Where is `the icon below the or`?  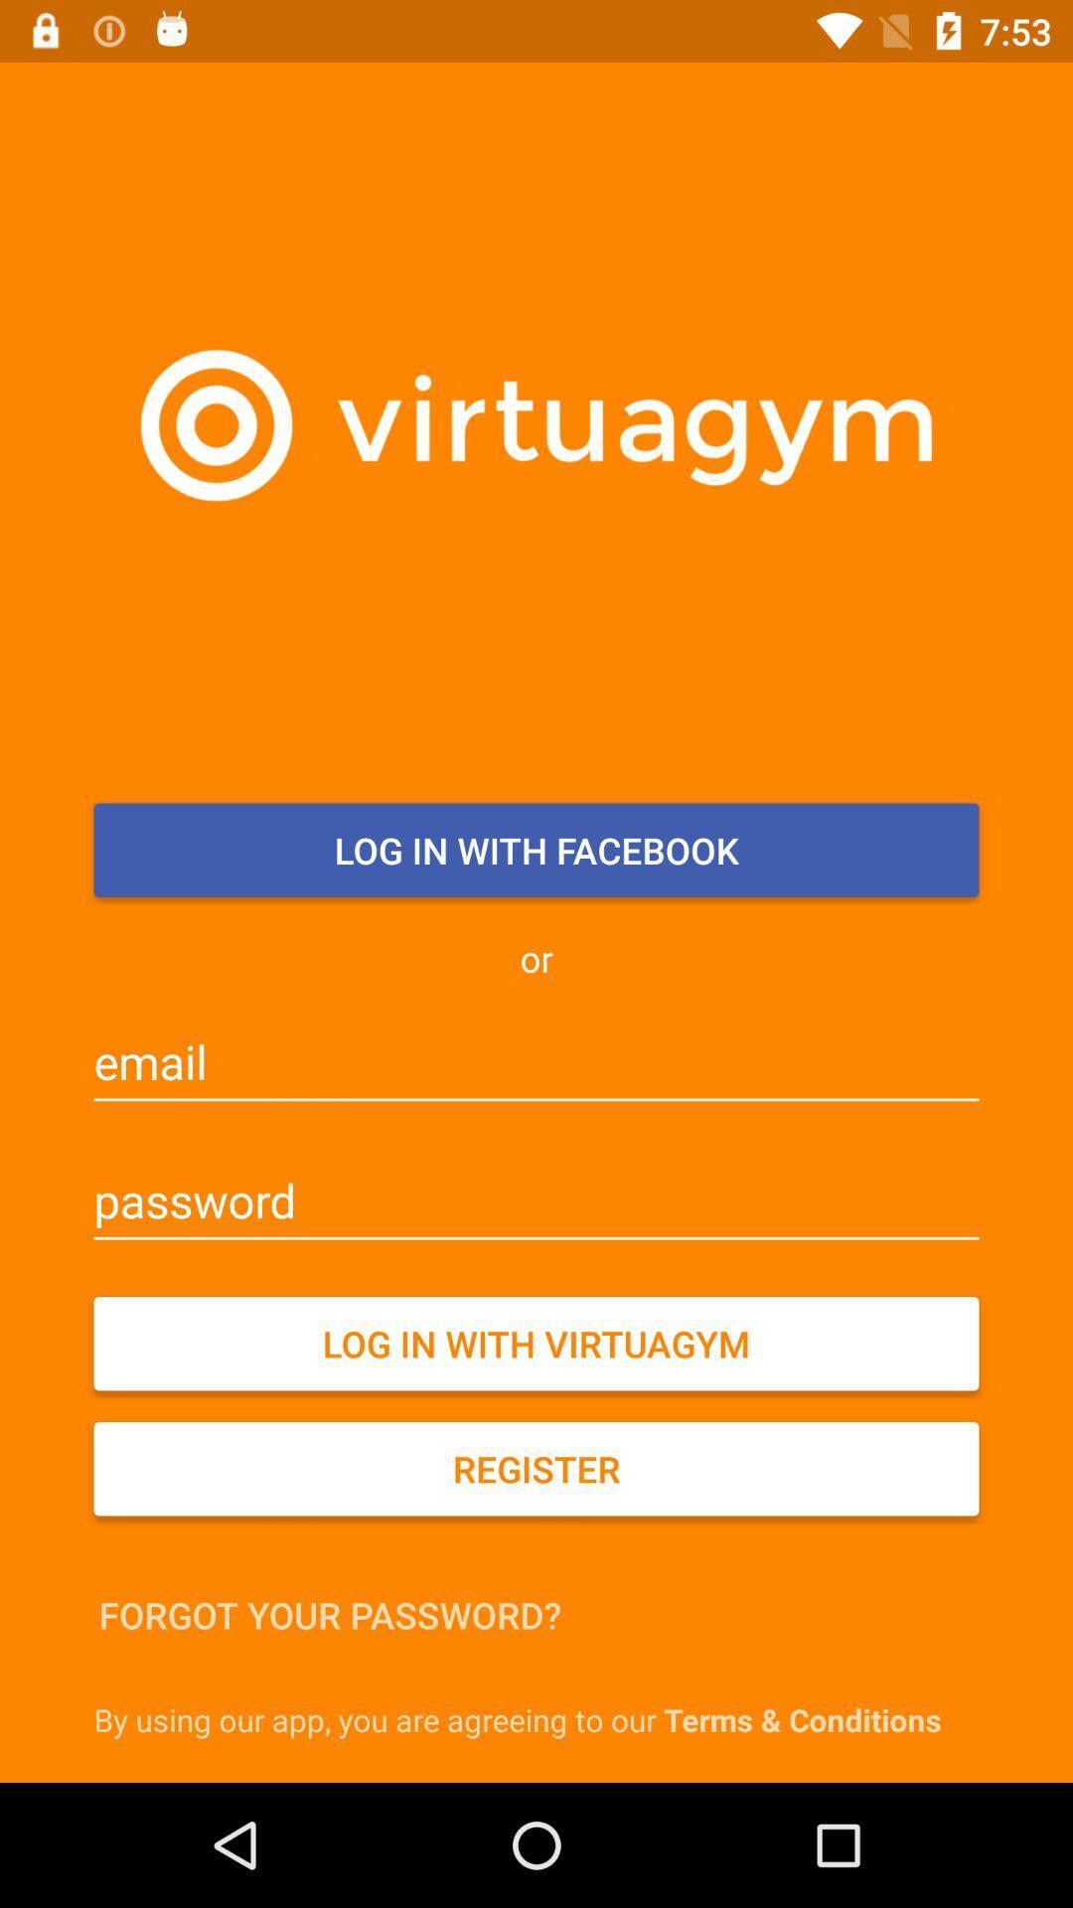
the icon below the or is located at coordinates (536, 1061).